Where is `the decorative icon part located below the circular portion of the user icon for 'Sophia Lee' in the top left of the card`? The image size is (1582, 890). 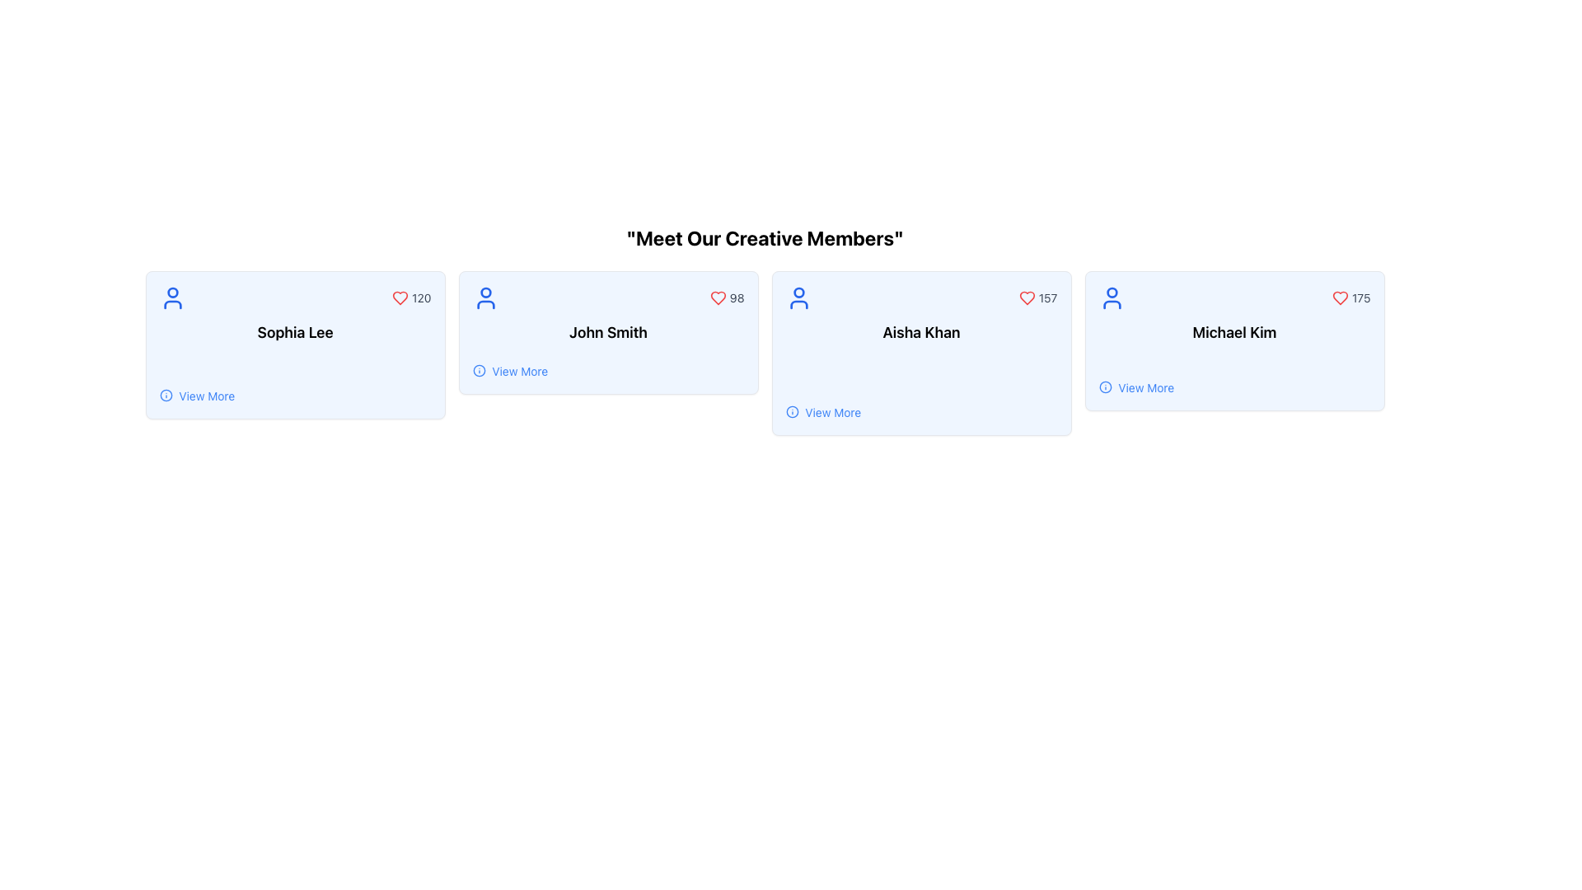 the decorative icon part located below the circular portion of the user icon for 'Sophia Lee' in the top left of the card is located at coordinates (172, 305).